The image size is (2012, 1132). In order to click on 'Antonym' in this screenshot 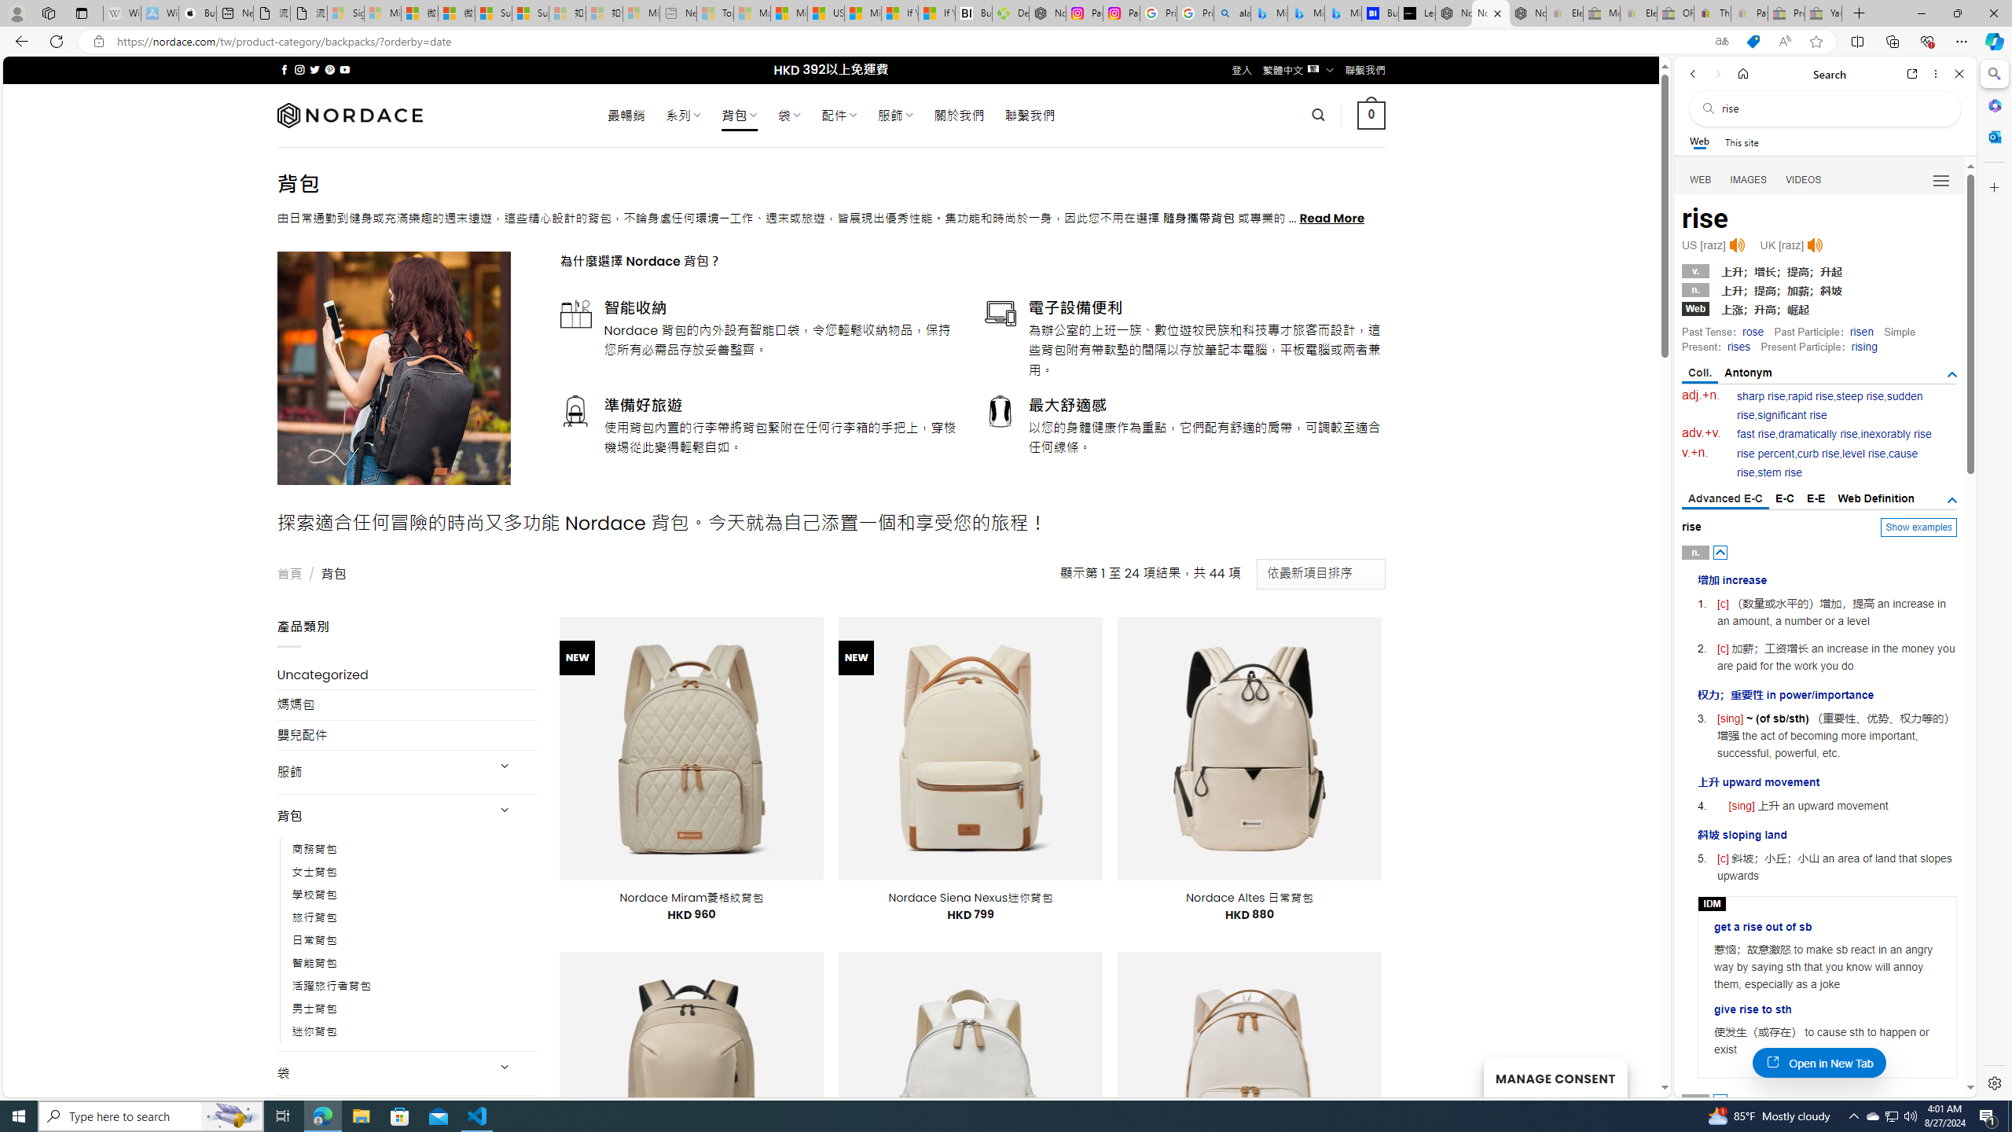, I will do `click(1747, 373)`.